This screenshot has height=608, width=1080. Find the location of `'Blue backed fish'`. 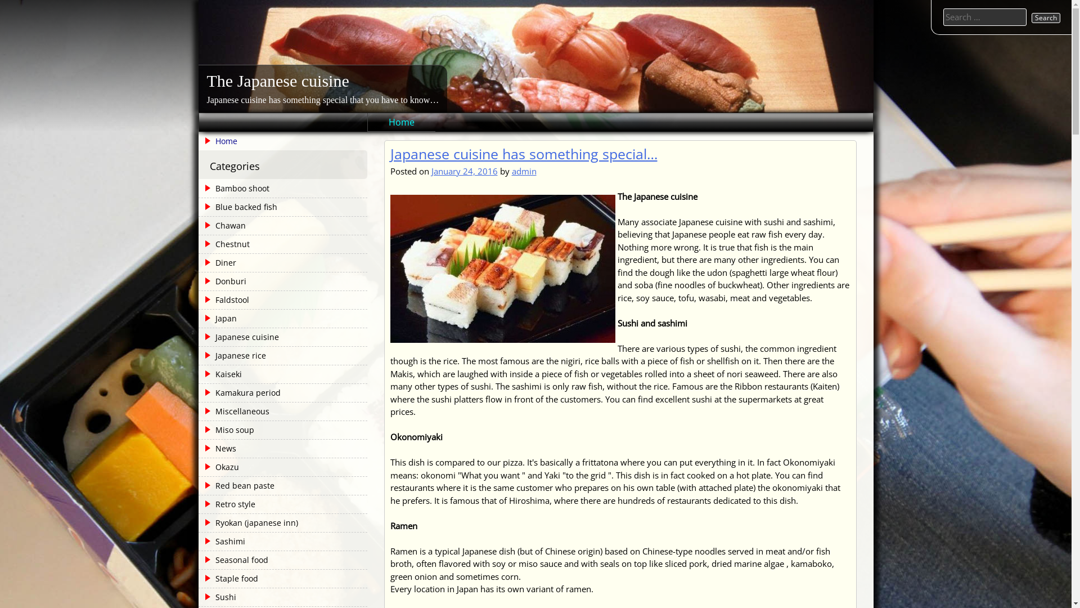

'Blue backed fish' is located at coordinates (238, 207).